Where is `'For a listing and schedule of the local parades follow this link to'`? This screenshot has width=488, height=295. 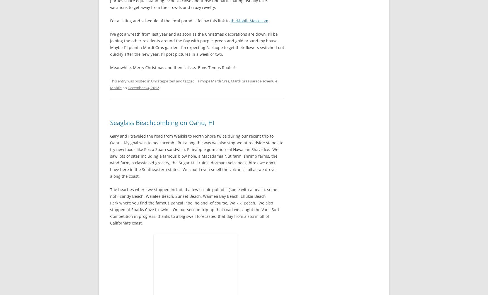 'For a listing and schedule of the local parades follow this link to' is located at coordinates (110, 20).